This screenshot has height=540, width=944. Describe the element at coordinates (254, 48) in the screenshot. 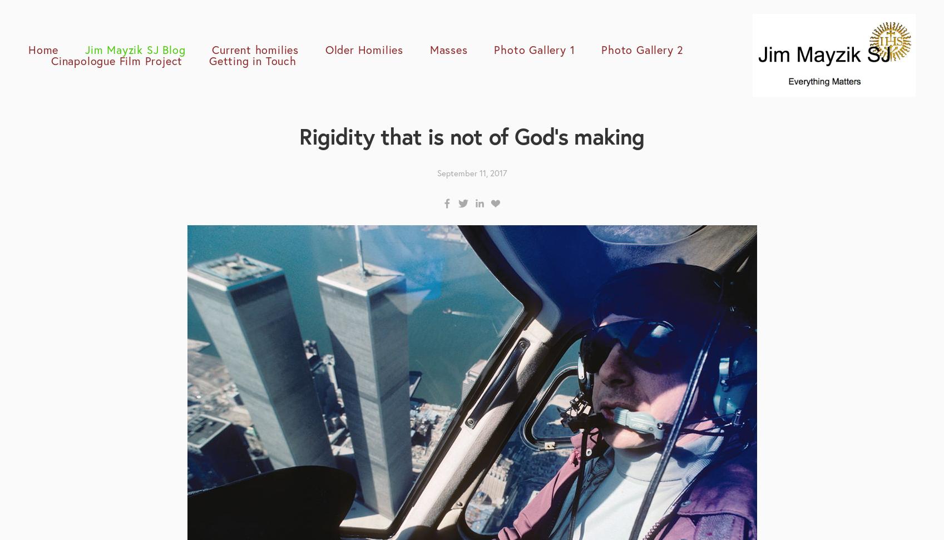

I see `'Current homilies'` at that location.